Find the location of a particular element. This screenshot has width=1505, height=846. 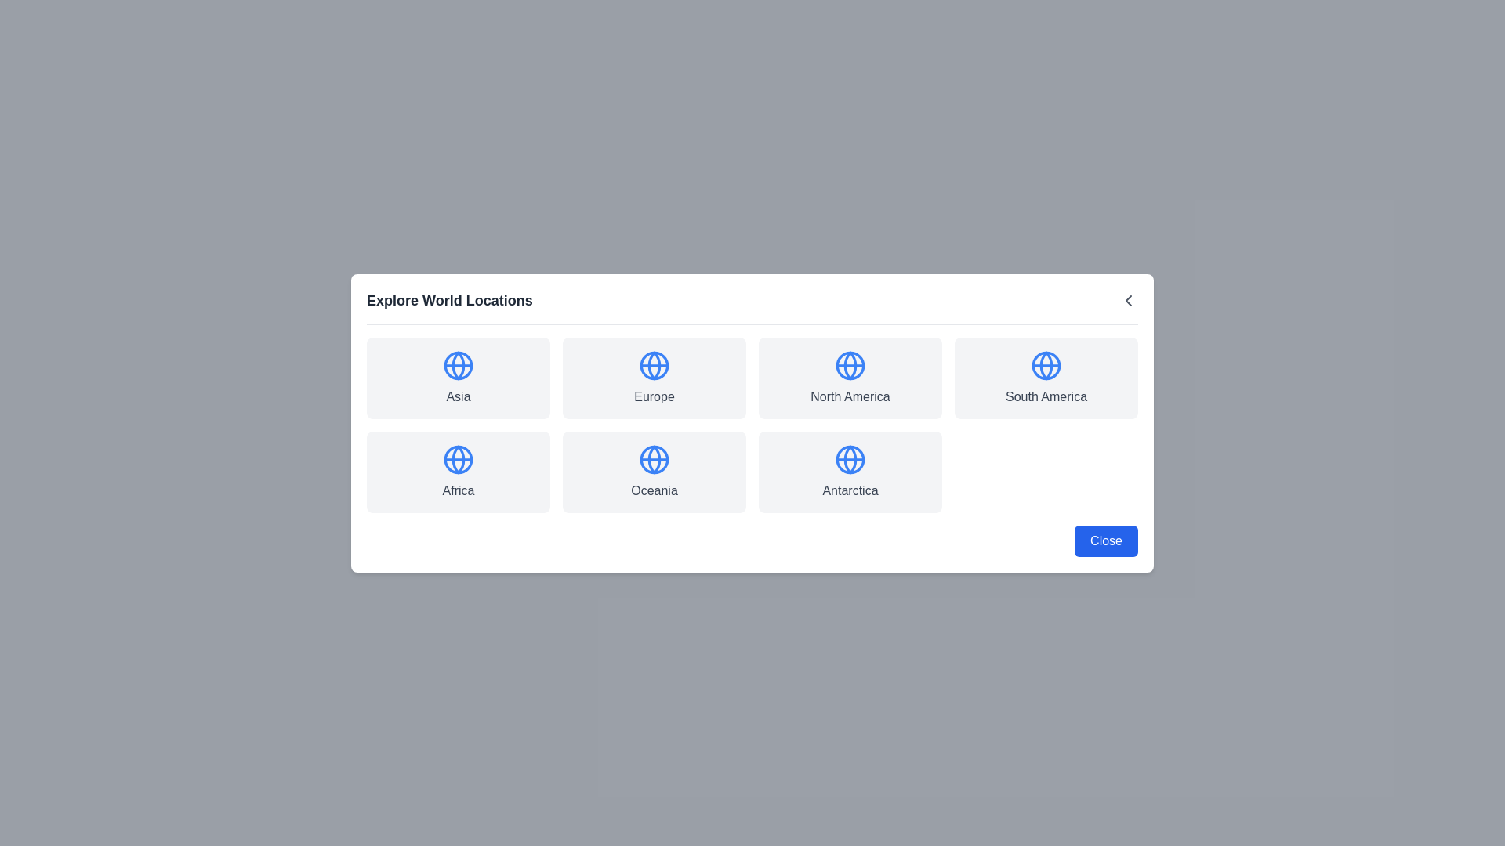

Close button in the footer of the dialog is located at coordinates (1105, 540).